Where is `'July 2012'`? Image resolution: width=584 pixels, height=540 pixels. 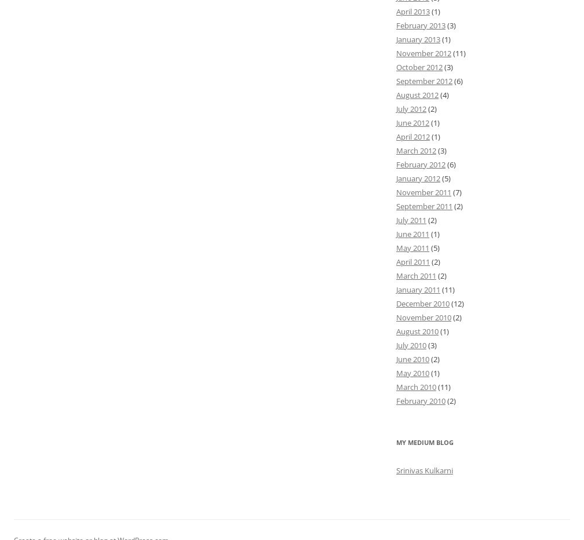 'July 2012' is located at coordinates (411, 108).